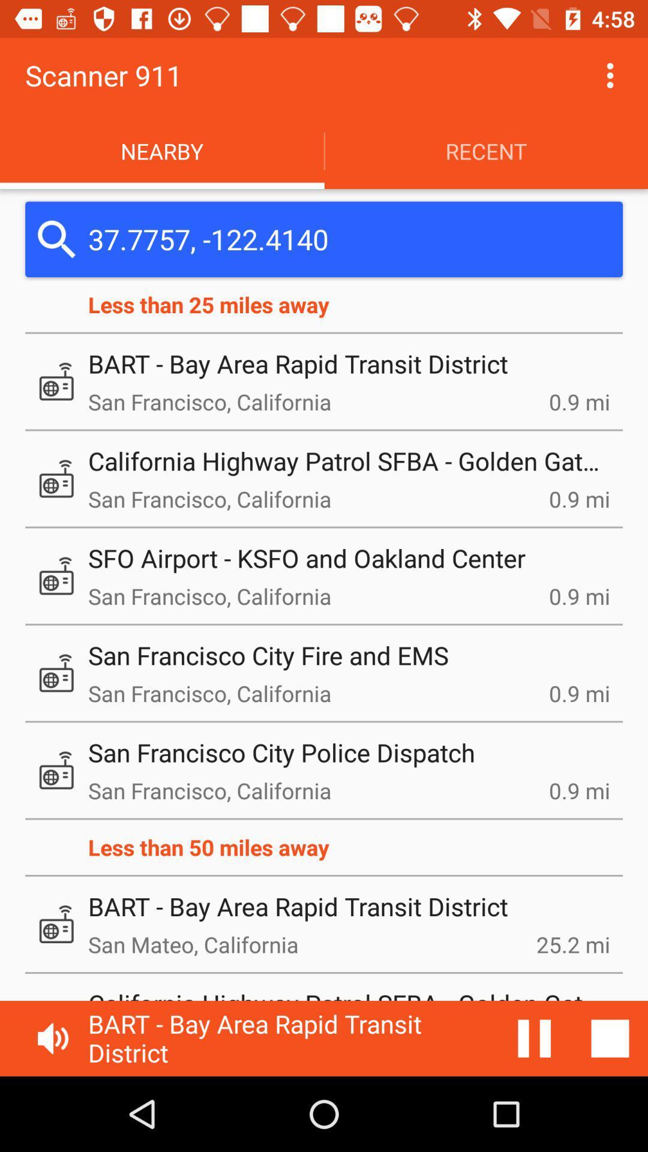 The height and width of the screenshot is (1152, 648). What do you see at coordinates (534, 1038) in the screenshot?
I see `pause audio` at bounding box center [534, 1038].